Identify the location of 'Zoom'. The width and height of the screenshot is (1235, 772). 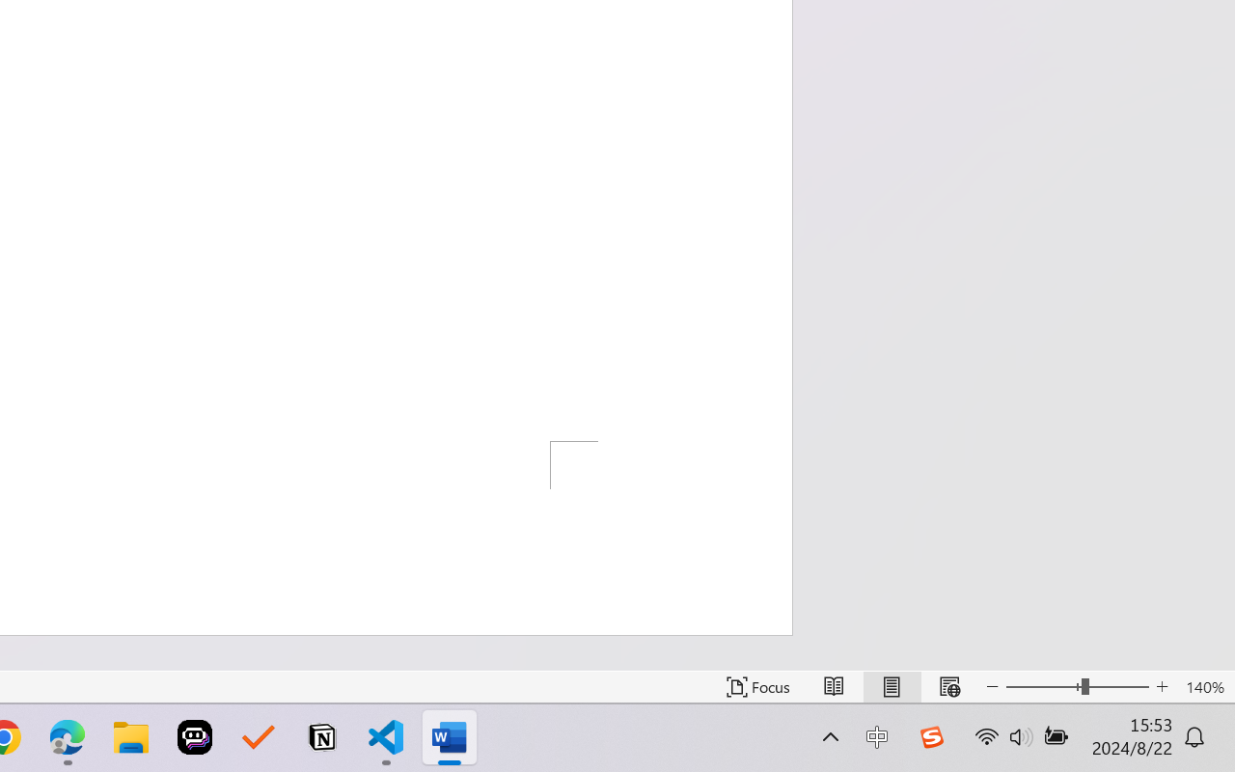
(1076, 686).